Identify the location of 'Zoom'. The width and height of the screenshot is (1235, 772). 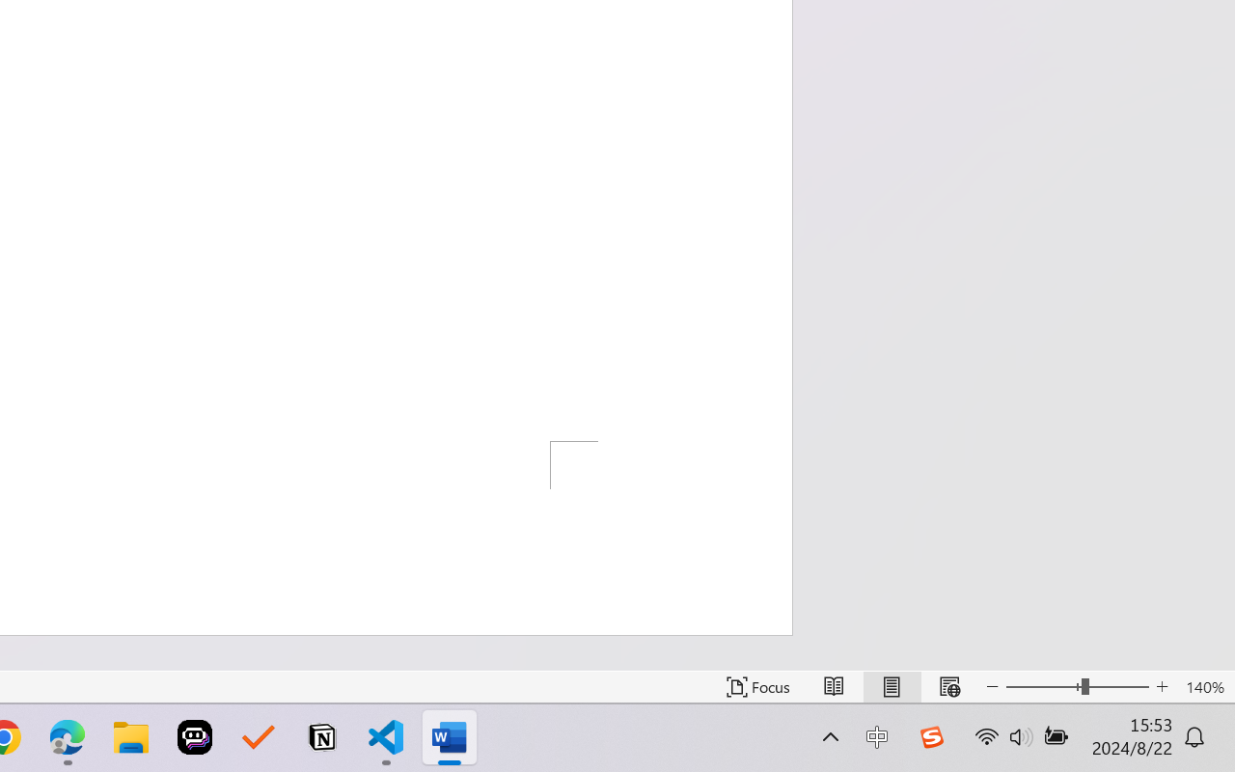
(1076, 686).